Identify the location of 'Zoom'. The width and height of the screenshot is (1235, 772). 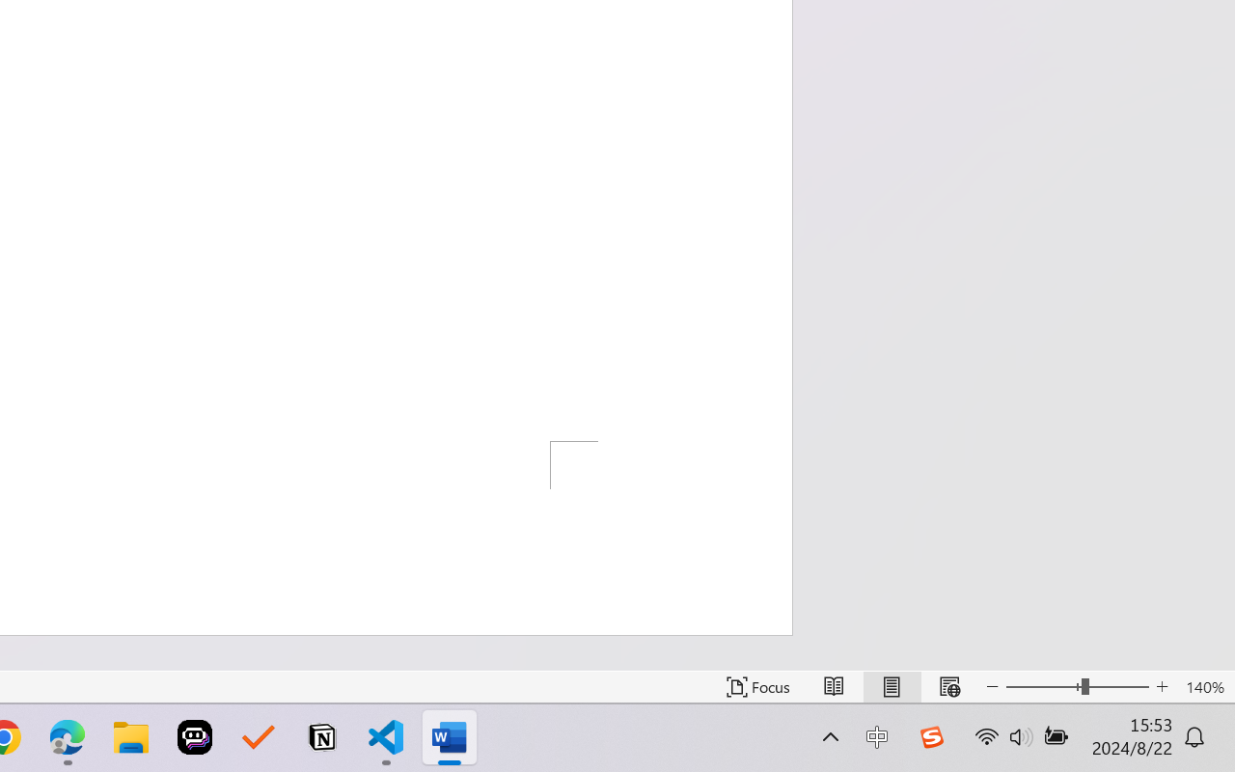
(1076, 686).